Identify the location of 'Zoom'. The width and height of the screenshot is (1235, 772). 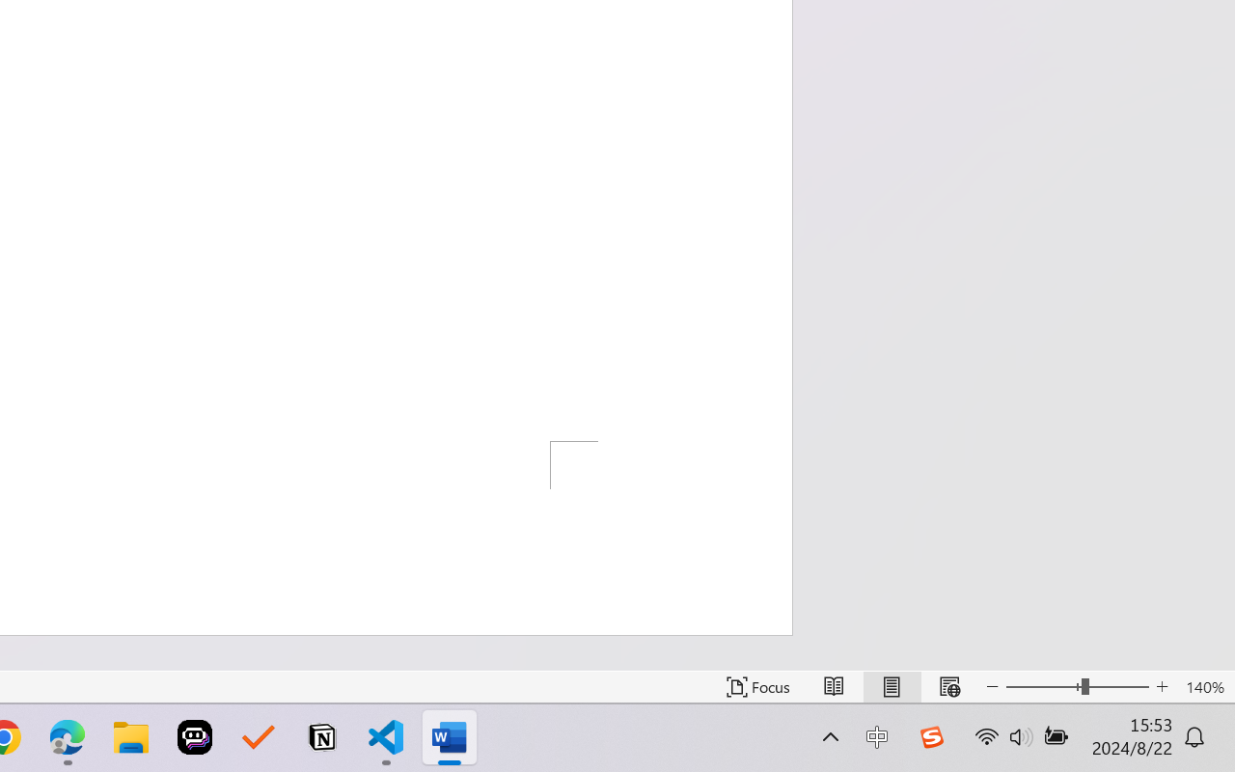
(1076, 686).